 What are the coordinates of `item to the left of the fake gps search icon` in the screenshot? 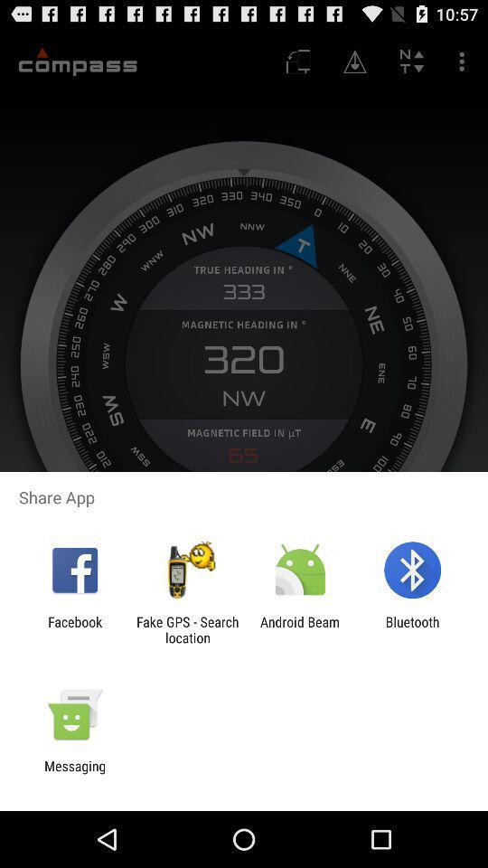 It's located at (74, 629).